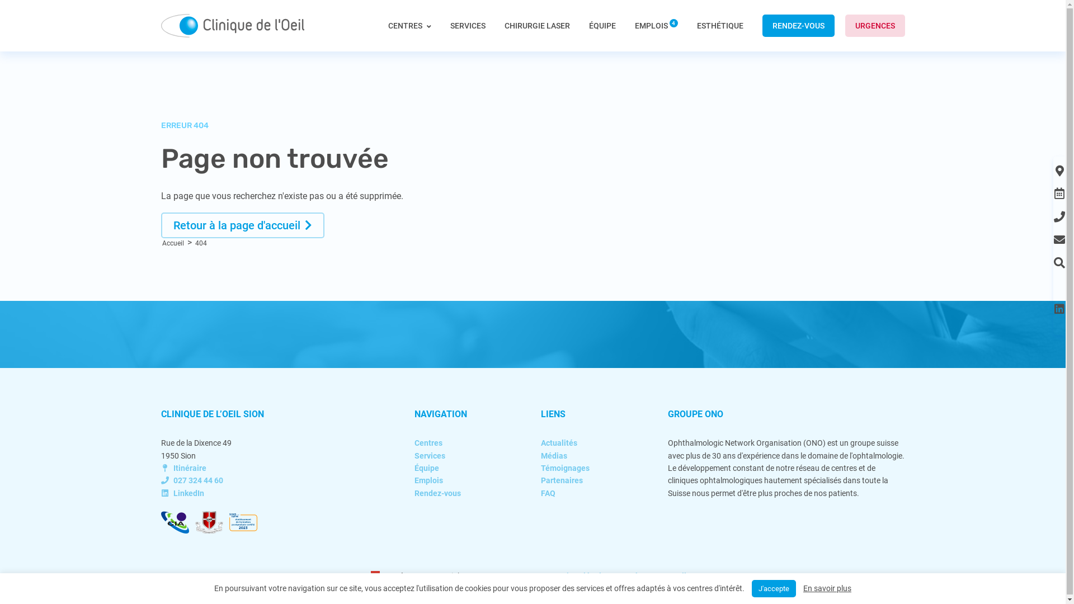 The height and width of the screenshot is (604, 1074). What do you see at coordinates (797, 25) in the screenshot?
I see `'RENDEZ-VOUS'` at bounding box center [797, 25].